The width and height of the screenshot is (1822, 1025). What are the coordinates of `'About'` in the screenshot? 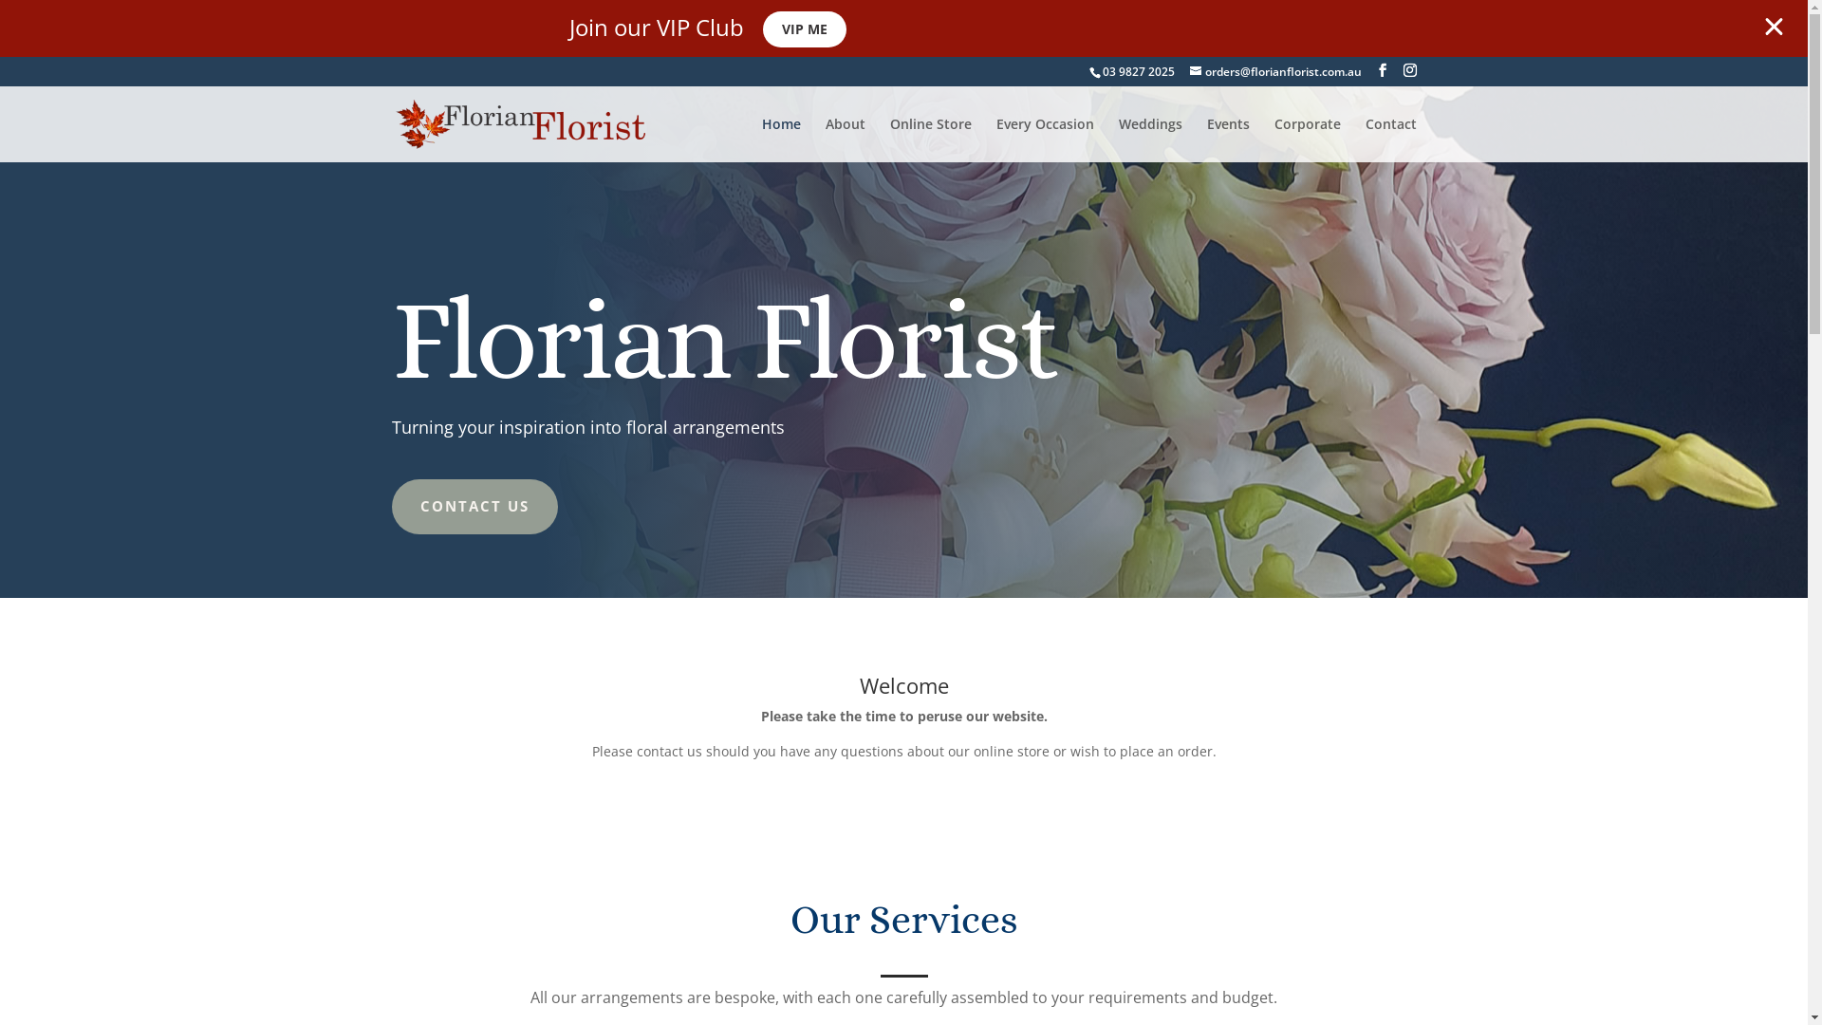 It's located at (845, 139).